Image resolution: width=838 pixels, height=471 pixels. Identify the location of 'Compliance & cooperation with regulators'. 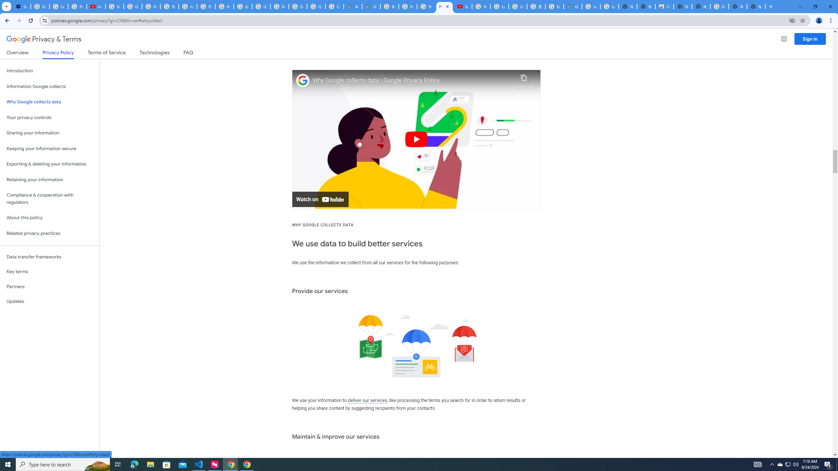
(49, 199).